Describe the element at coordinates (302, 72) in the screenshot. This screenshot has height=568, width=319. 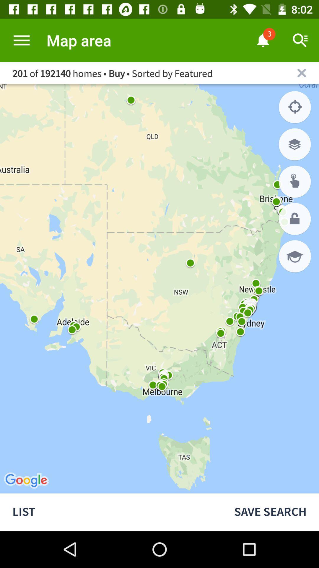
I see `delete the input` at that location.